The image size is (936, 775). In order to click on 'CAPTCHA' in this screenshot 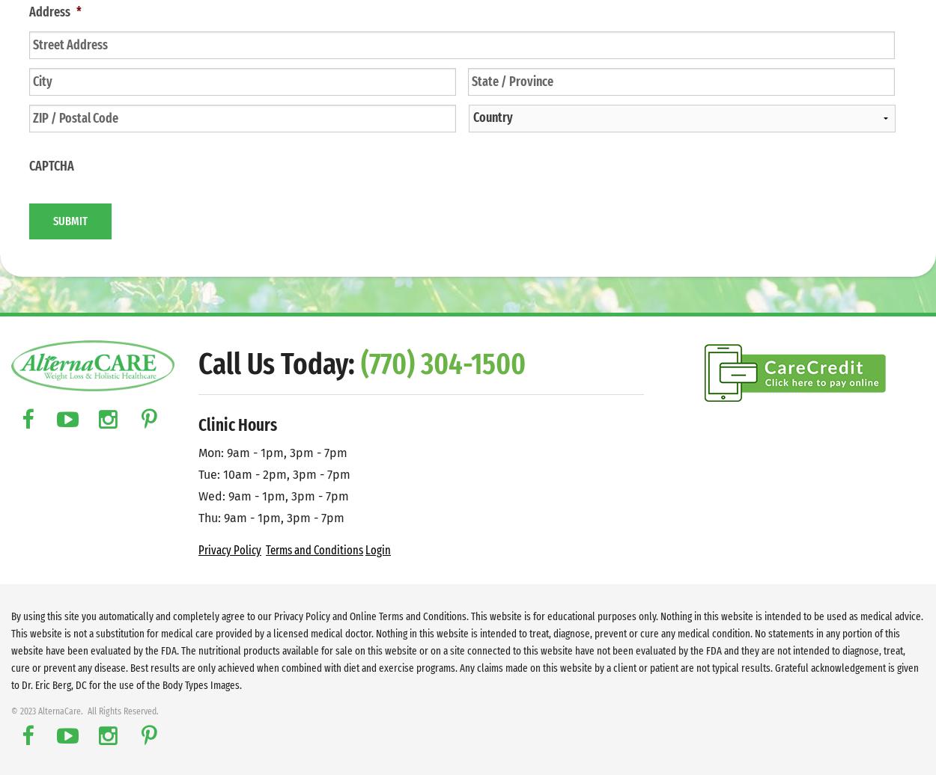, I will do `click(29, 165)`.